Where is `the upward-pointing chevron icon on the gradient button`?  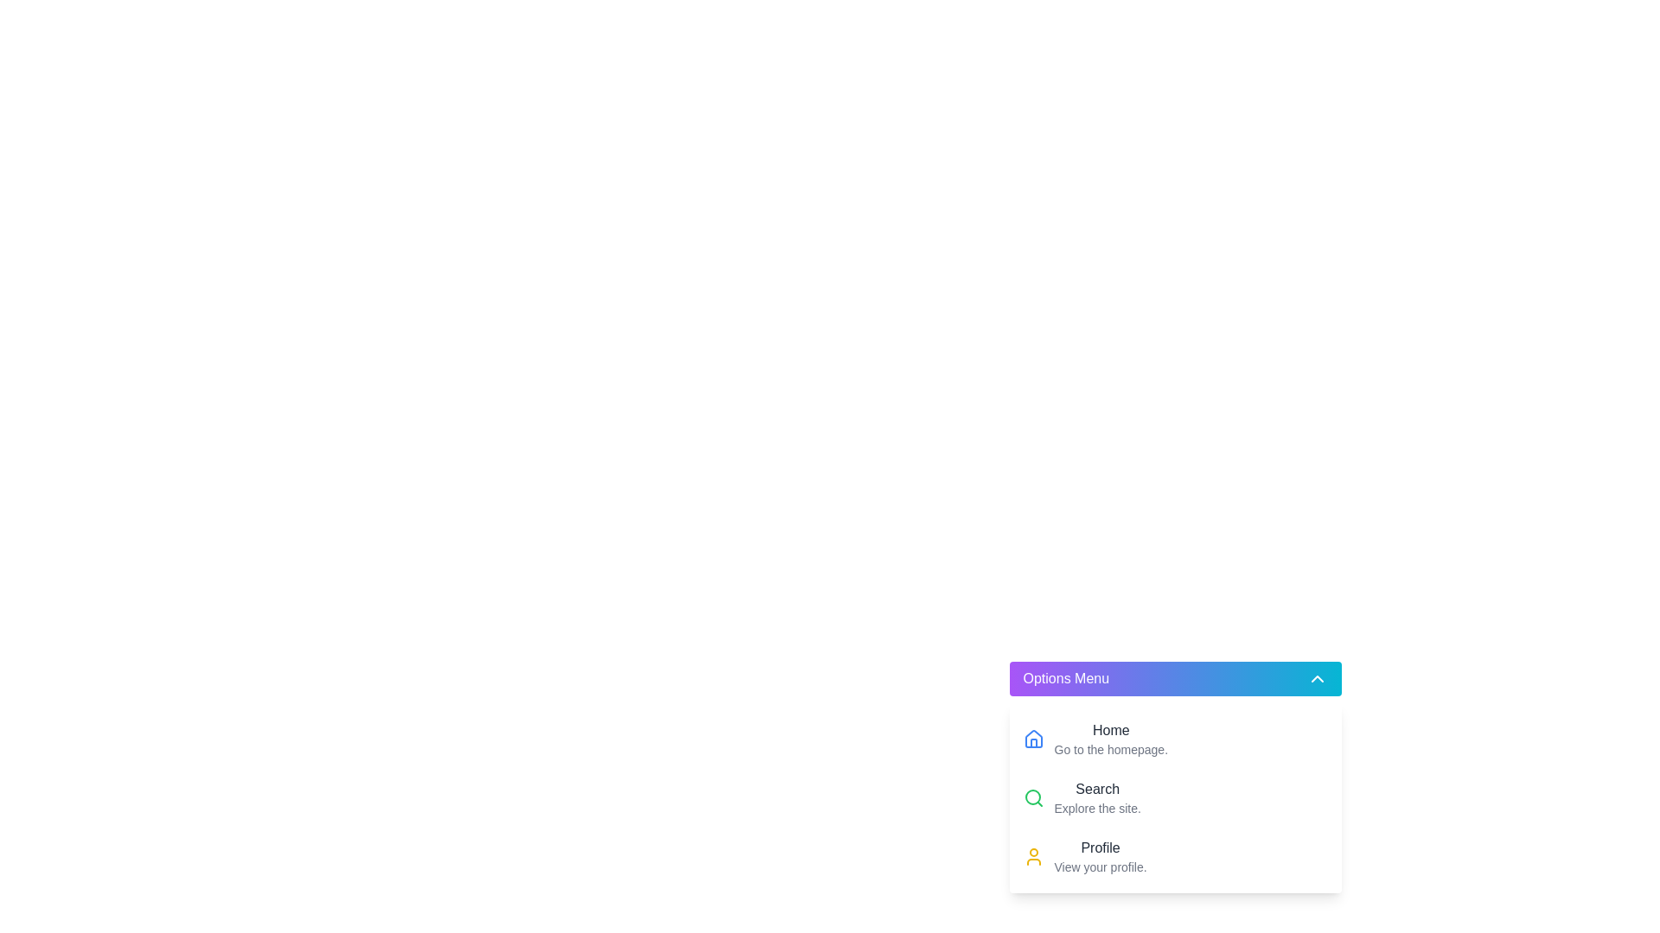
the upward-pointing chevron icon on the gradient button is located at coordinates (1316, 678).